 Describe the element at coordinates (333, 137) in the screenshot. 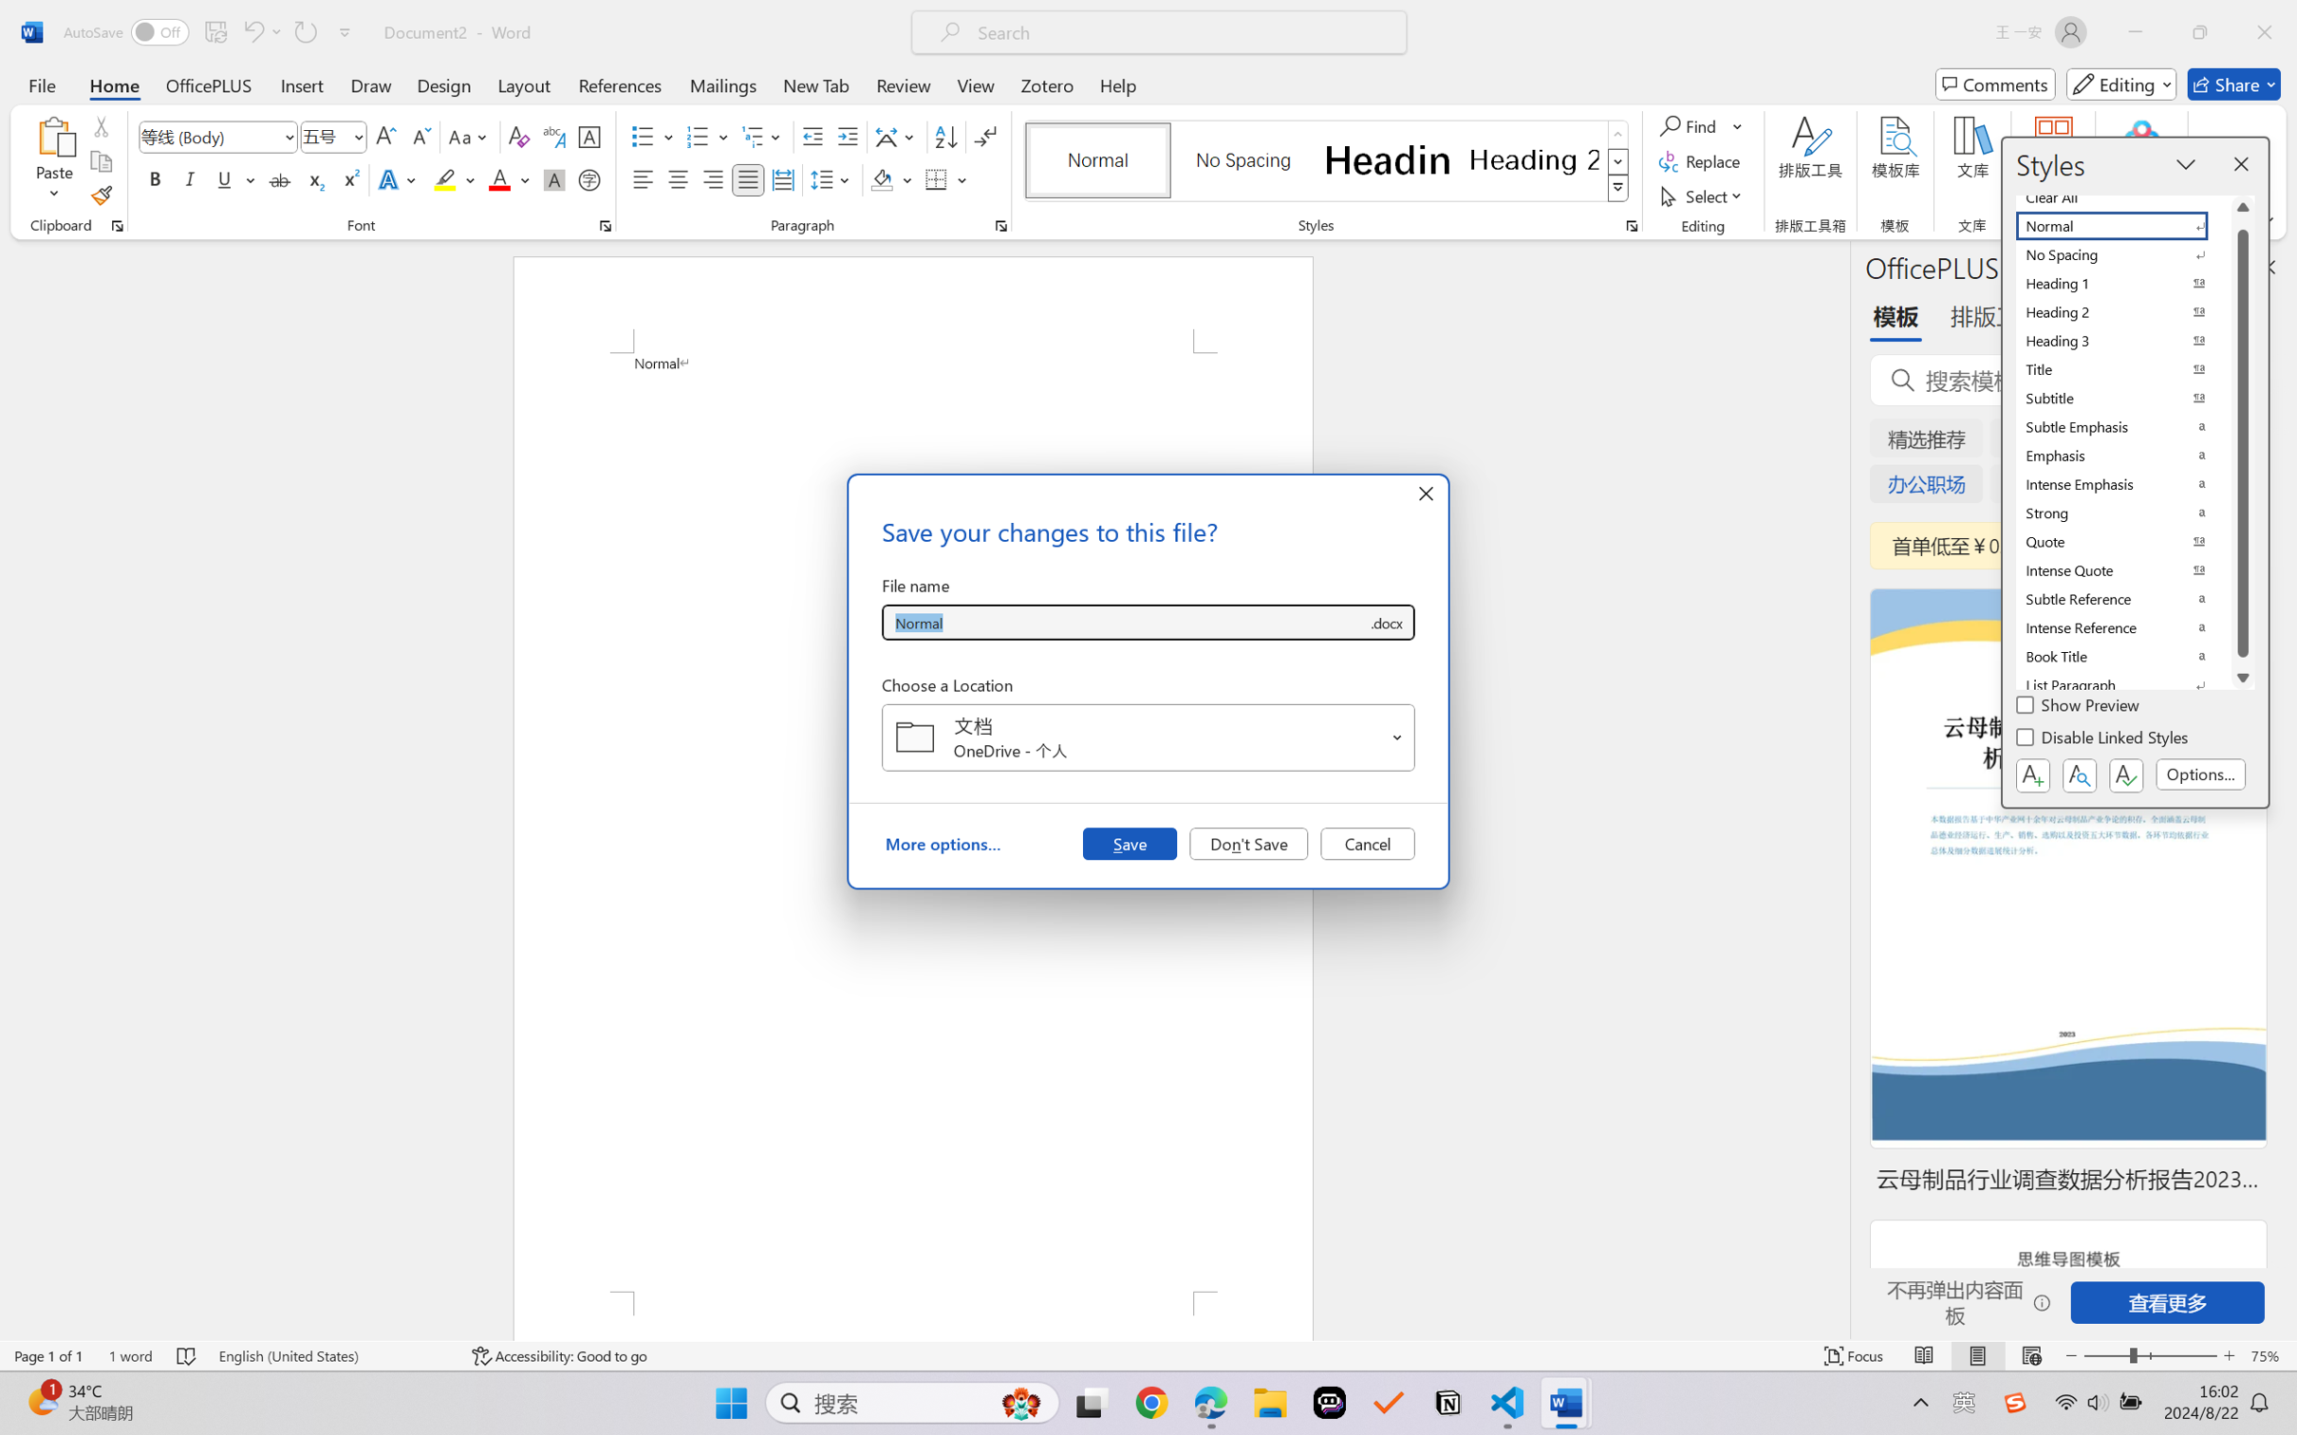

I see `'Font Size'` at that location.